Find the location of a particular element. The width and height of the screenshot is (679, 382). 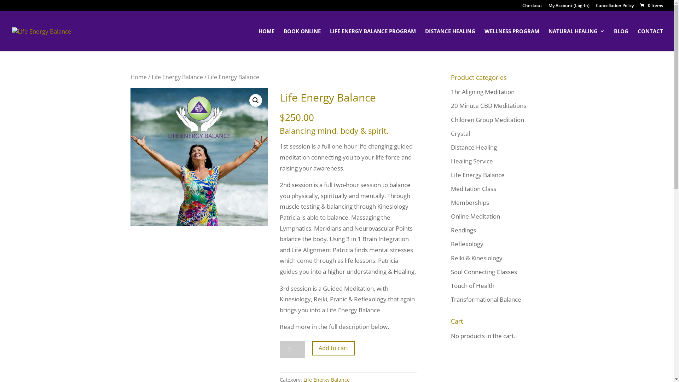

'My Account (Log-In)' is located at coordinates (569, 7).